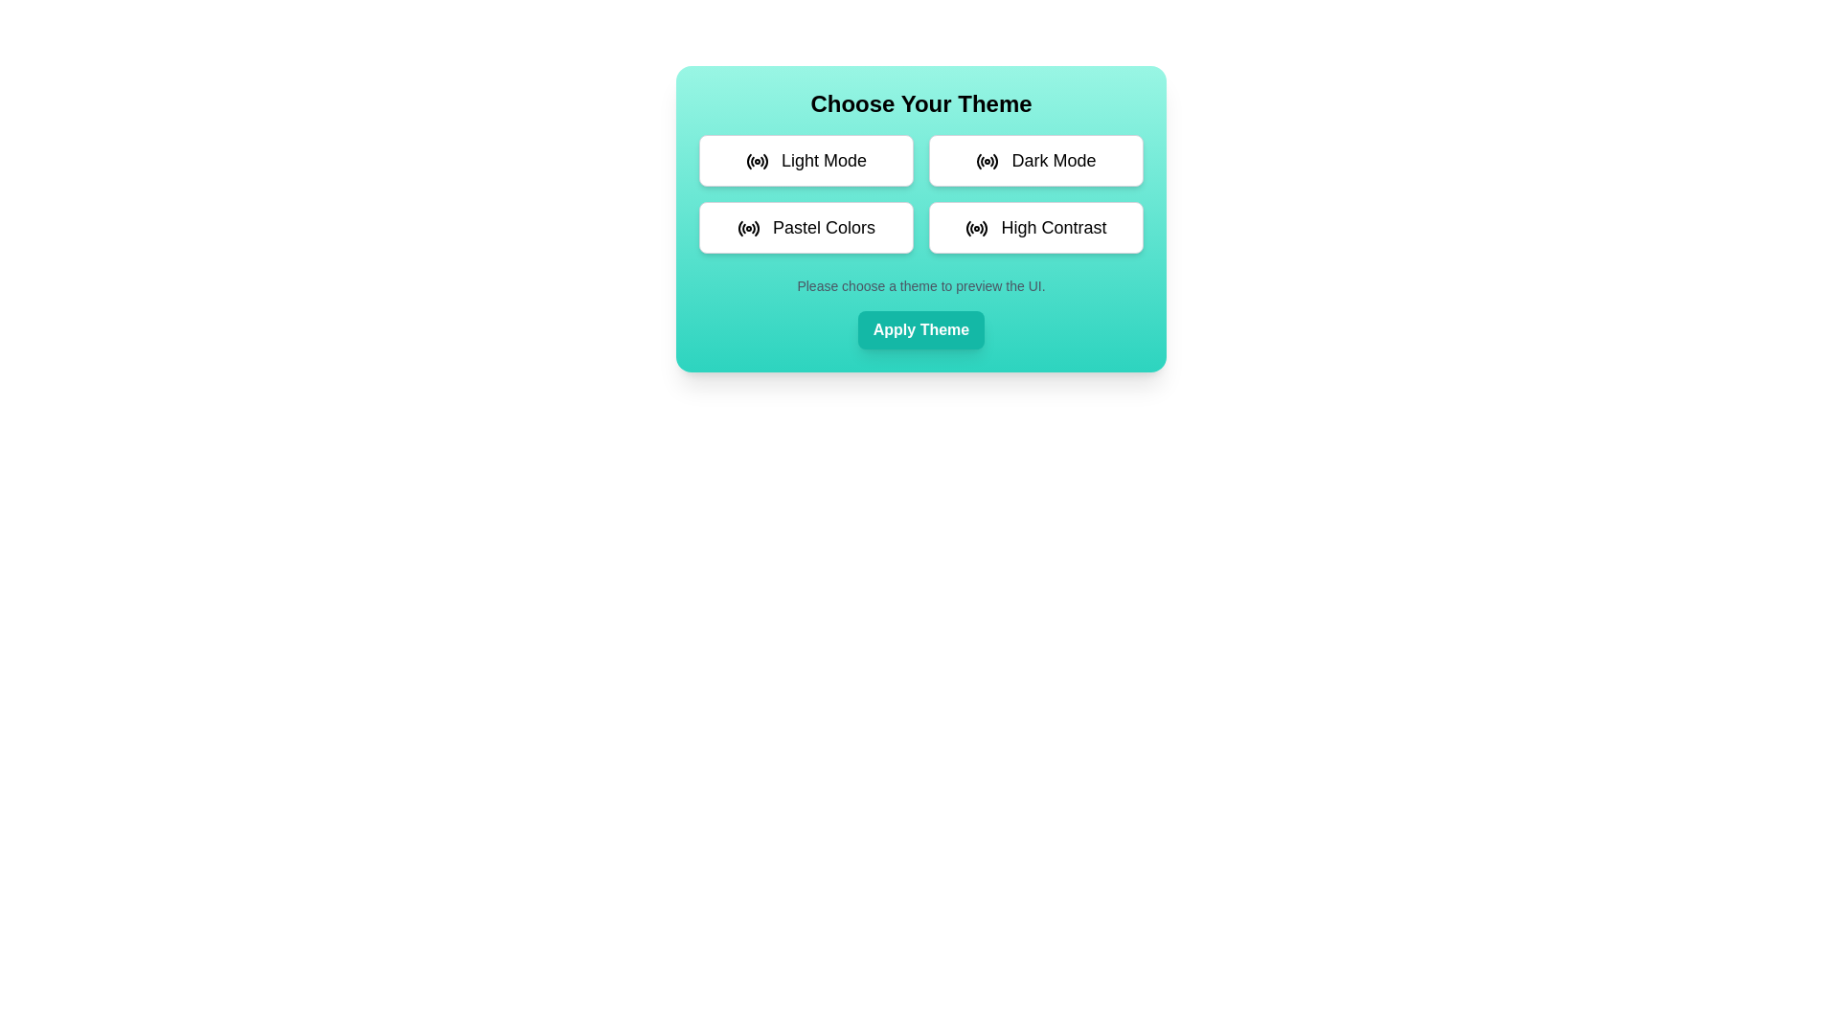 Image resolution: width=1839 pixels, height=1034 pixels. Describe the element at coordinates (757, 161) in the screenshot. I see `the decorative radio signal icon located at the left side of the 'Light Mode' button in the upper-left corner of the color scheme selection section` at that location.